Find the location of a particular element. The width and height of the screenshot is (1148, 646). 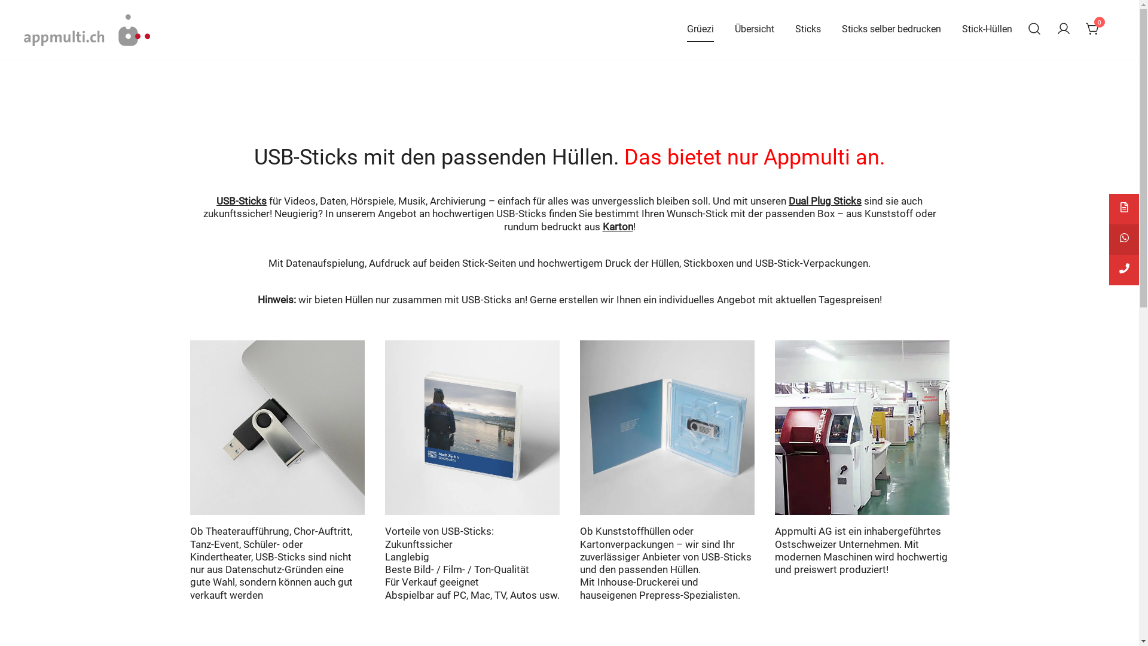

'Karton' is located at coordinates (618, 226).